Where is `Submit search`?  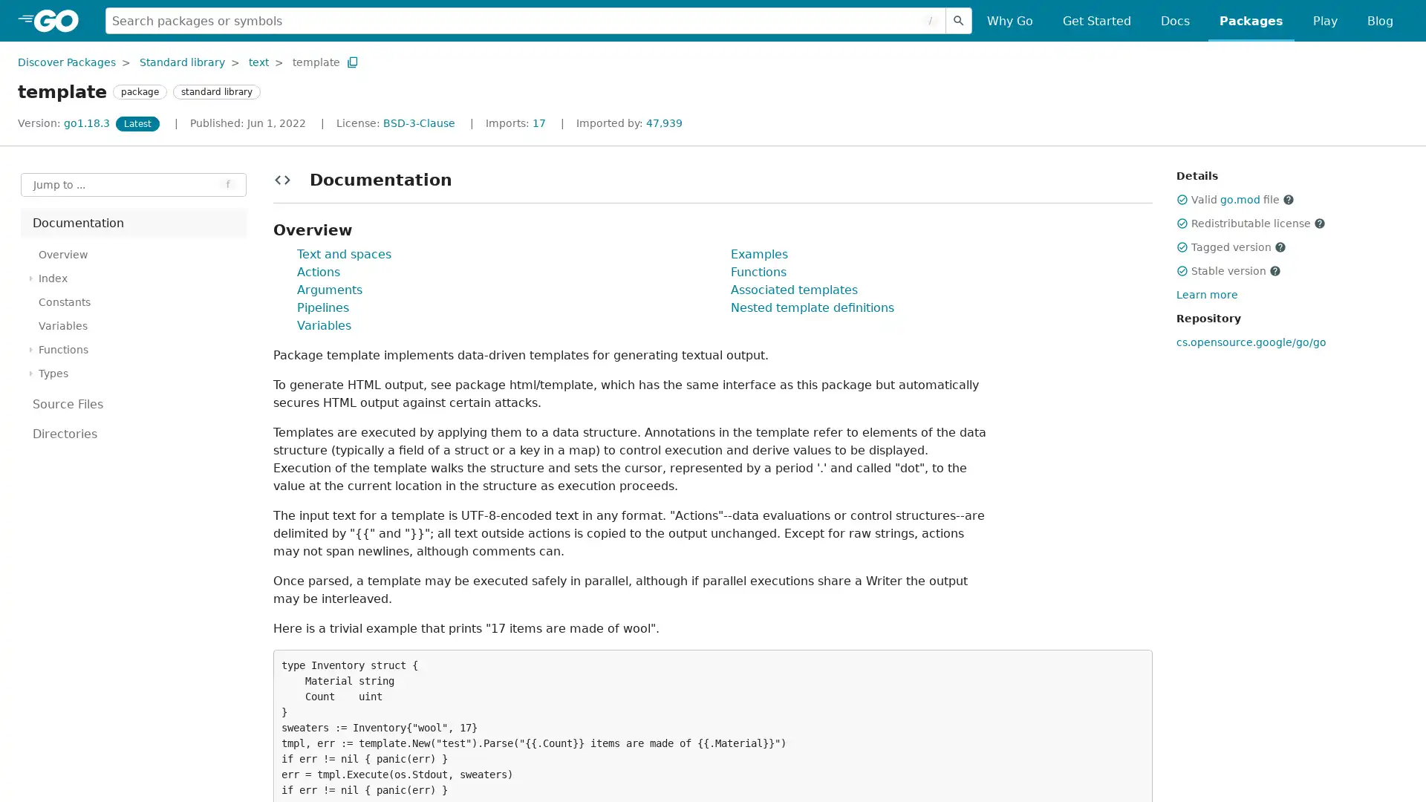
Submit search is located at coordinates (959, 20).